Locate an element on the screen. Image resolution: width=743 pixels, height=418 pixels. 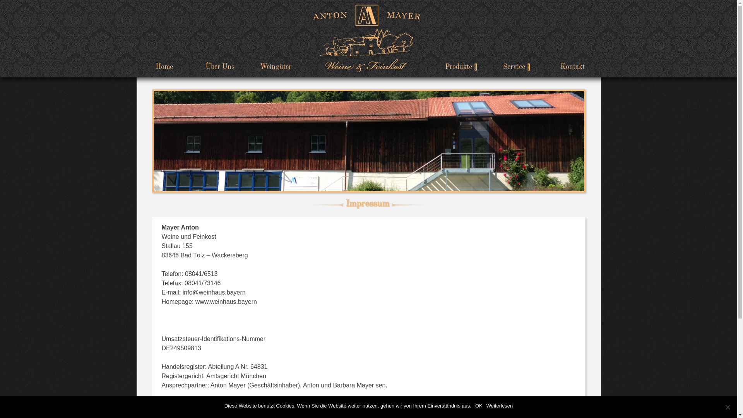
'Produkte' is located at coordinates (461, 67).